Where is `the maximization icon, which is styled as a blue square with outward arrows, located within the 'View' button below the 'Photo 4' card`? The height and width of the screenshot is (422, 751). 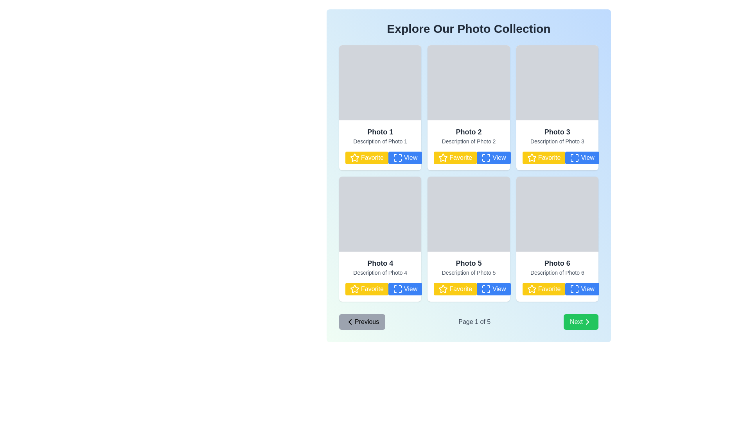
the maximization icon, which is styled as a blue square with outward arrows, located within the 'View' button below the 'Photo 4' card is located at coordinates (397, 289).